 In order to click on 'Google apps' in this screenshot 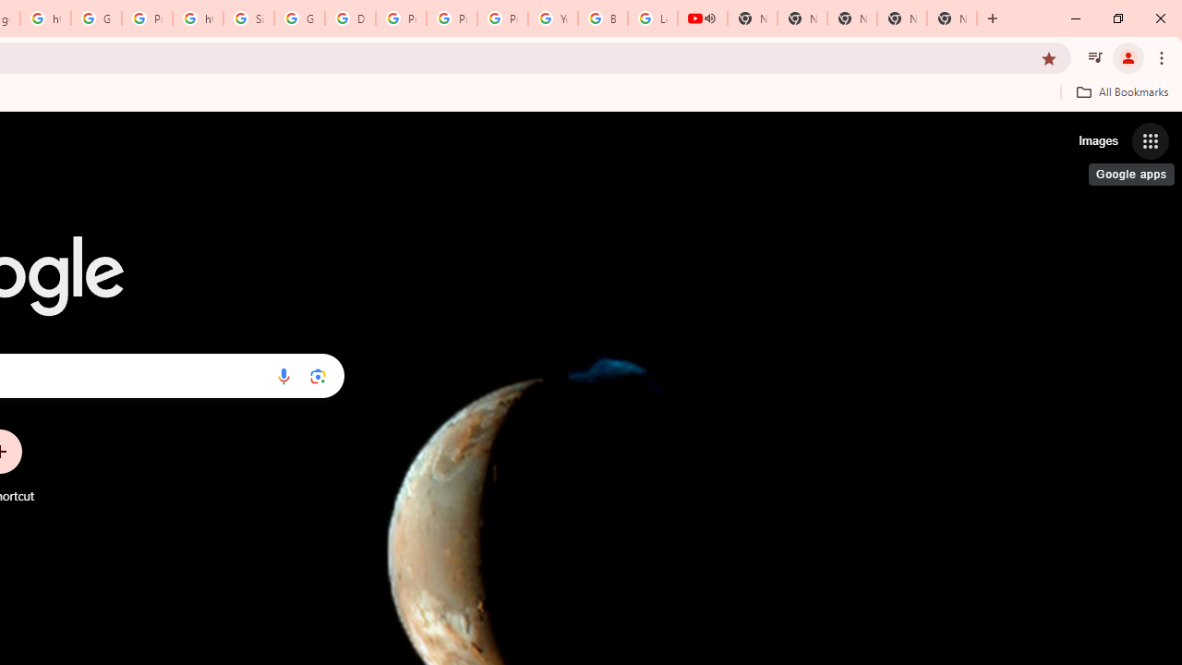, I will do `click(1150, 140)`.